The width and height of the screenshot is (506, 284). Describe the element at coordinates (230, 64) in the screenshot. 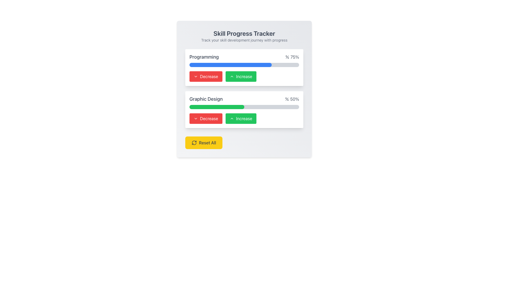

I see `the progress bar that visually represents 75% completion, located within the 'Programming' section above the 'Decrease' and 'Increase' buttons` at that location.